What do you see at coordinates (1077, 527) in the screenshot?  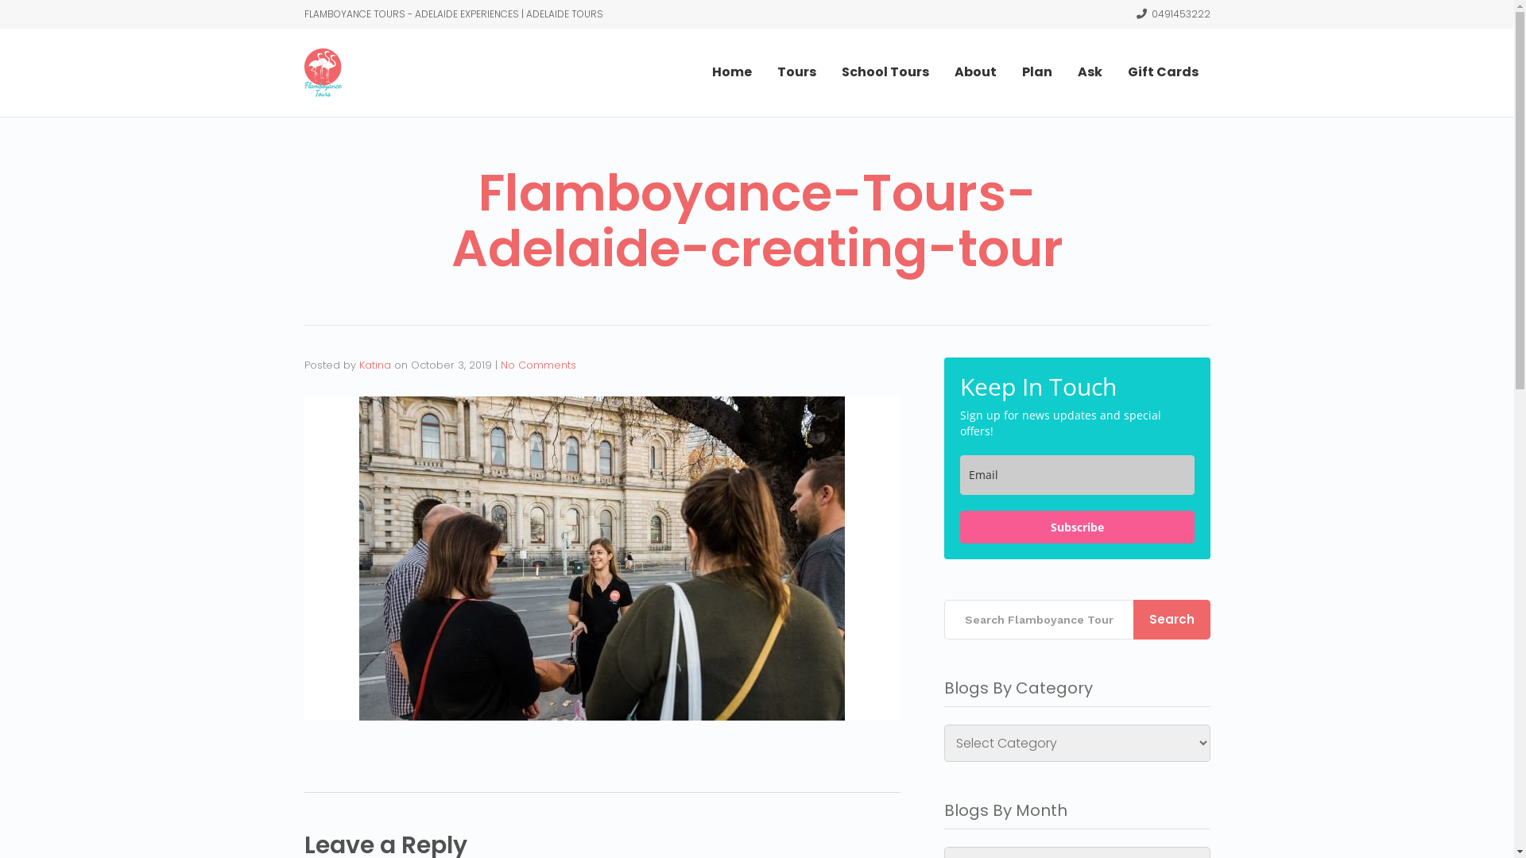 I see `'Subscribe'` at bounding box center [1077, 527].